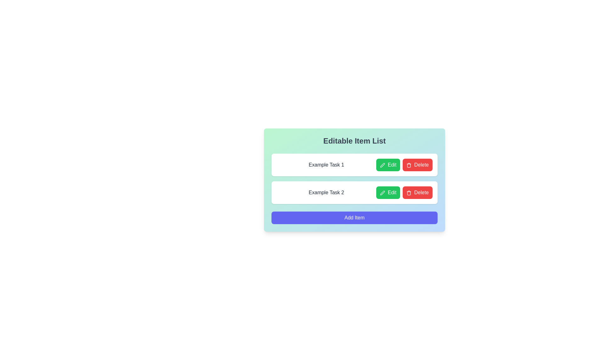  I want to click on the static text label that displays the task title, positioned below 'Example Task 1' and above the 'Add Item' button, so click(326, 192).